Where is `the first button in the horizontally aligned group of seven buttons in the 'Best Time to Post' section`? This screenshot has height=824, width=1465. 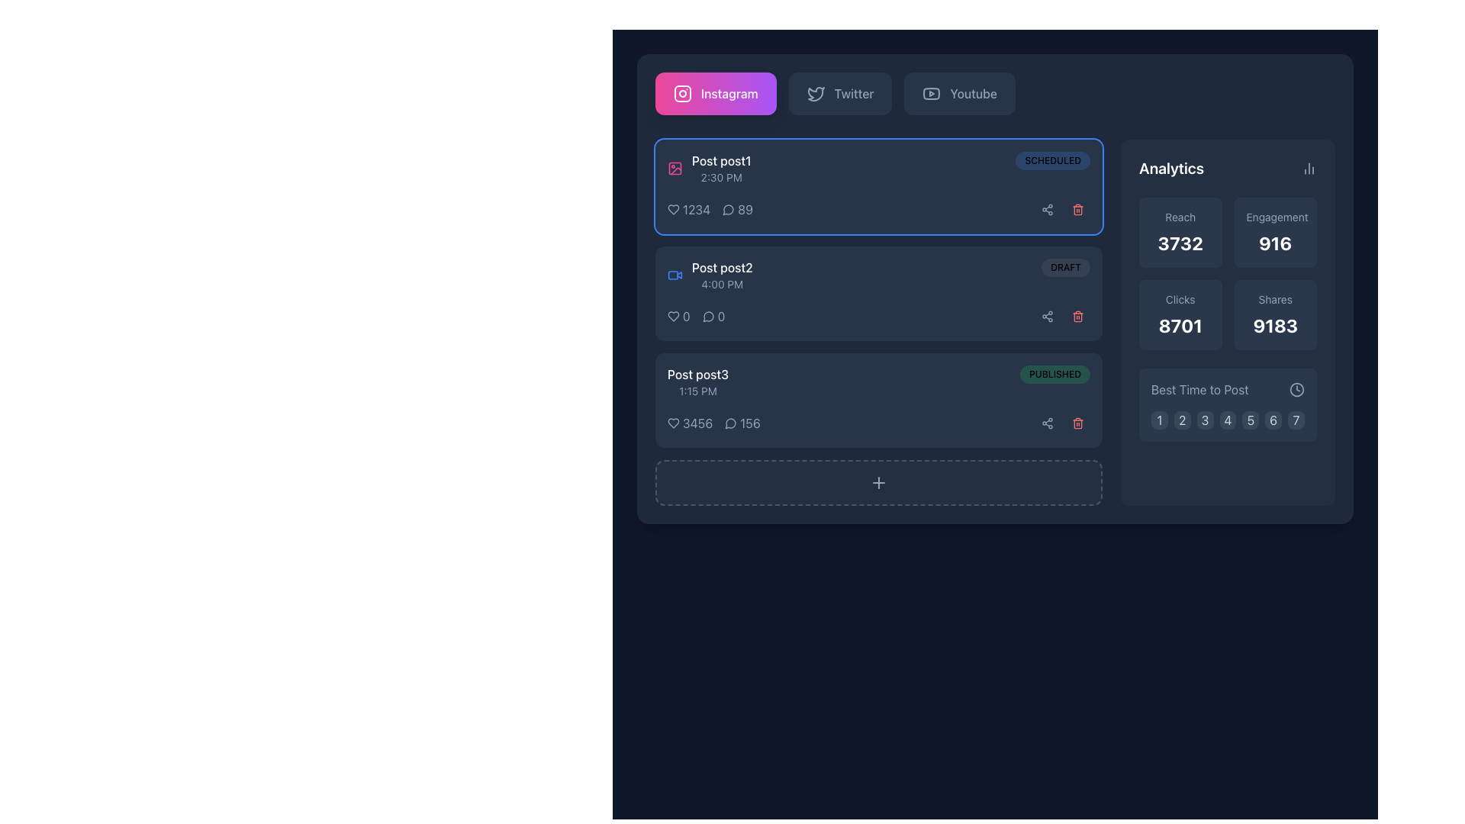 the first button in the horizontally aligned group of seven buttons in the 'Best Time to Post' section is located at coordinates (1159, 420).